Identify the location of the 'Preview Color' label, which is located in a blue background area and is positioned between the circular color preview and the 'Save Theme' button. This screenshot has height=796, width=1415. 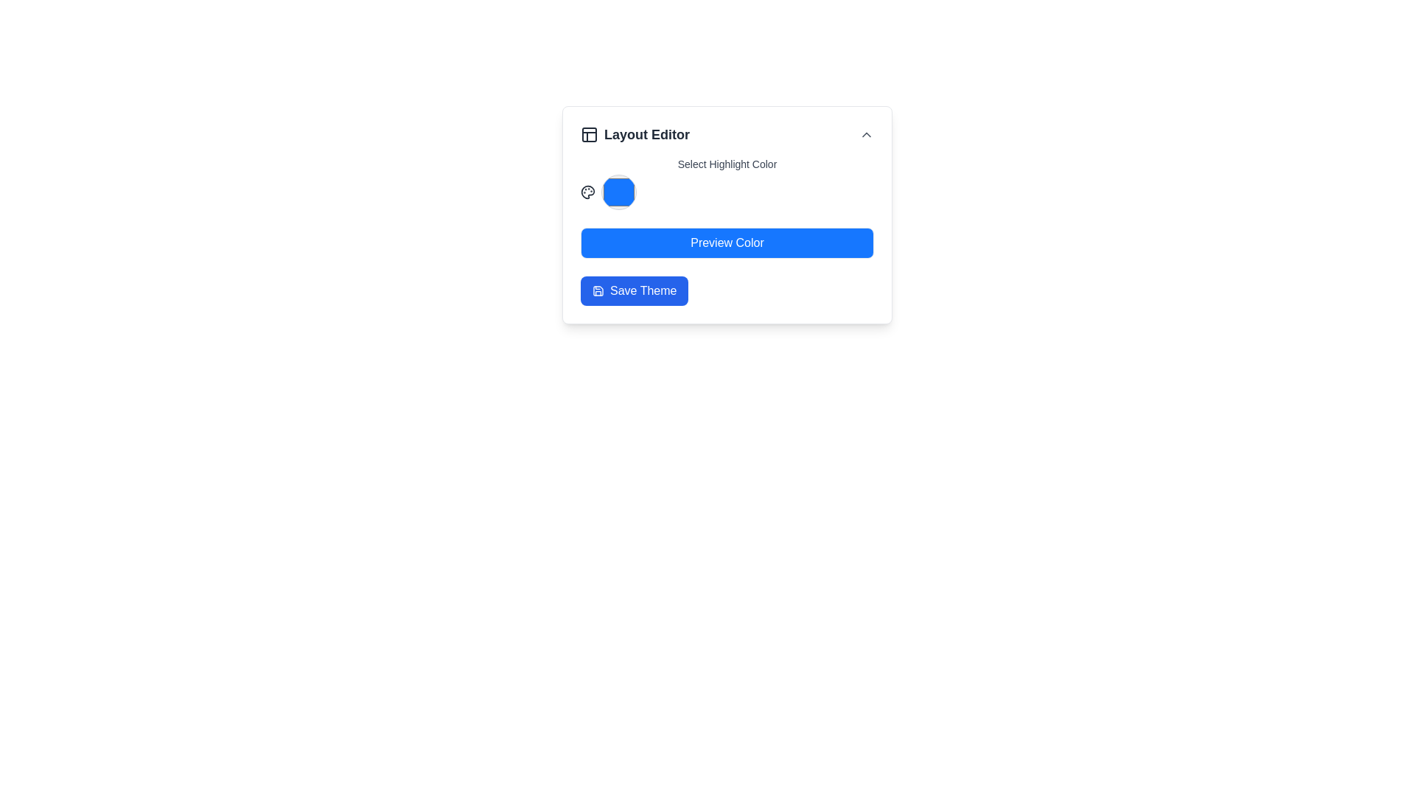
(727, 242).